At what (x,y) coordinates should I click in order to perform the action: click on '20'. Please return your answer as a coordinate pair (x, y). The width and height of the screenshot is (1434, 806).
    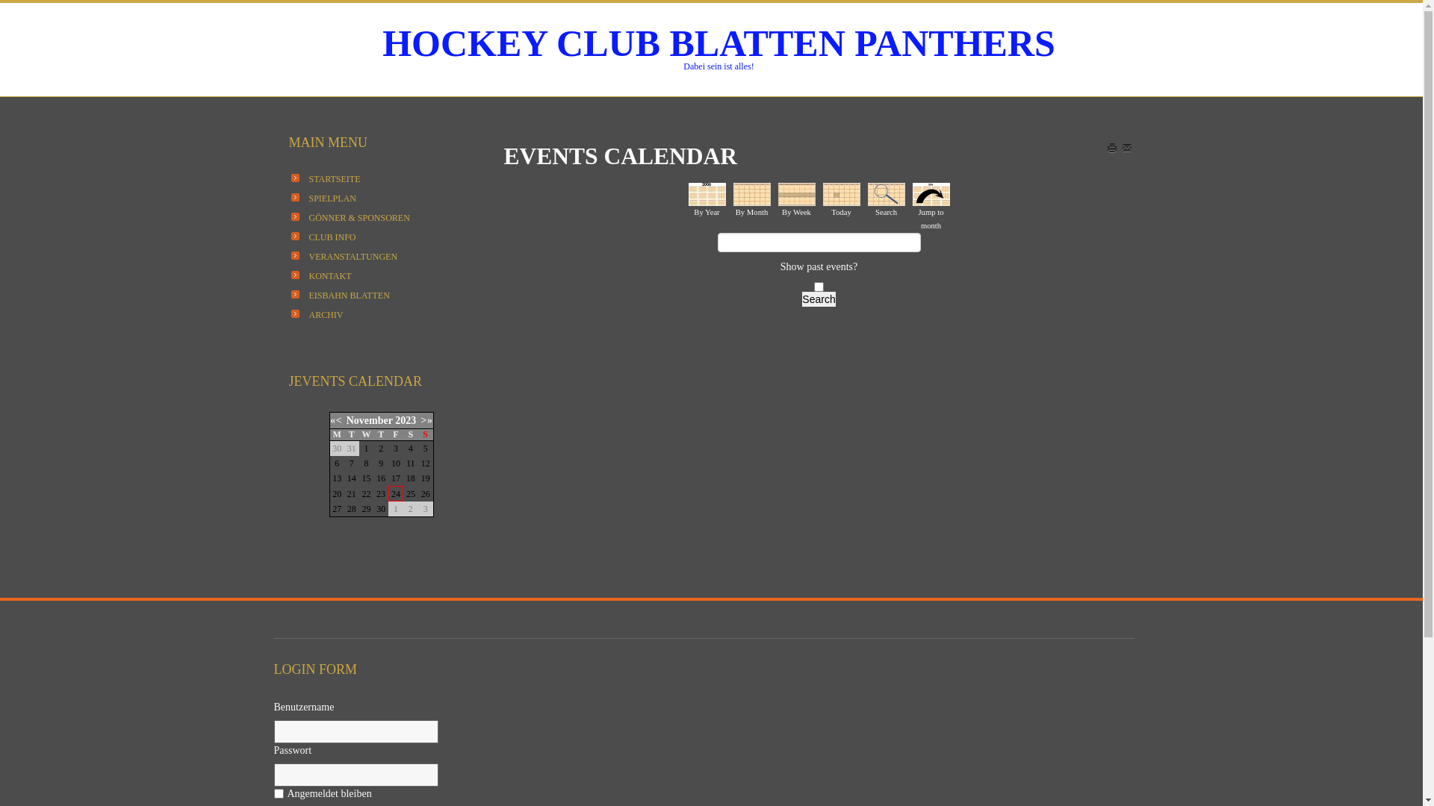
    Looking at the image, I should click on (336, 493).